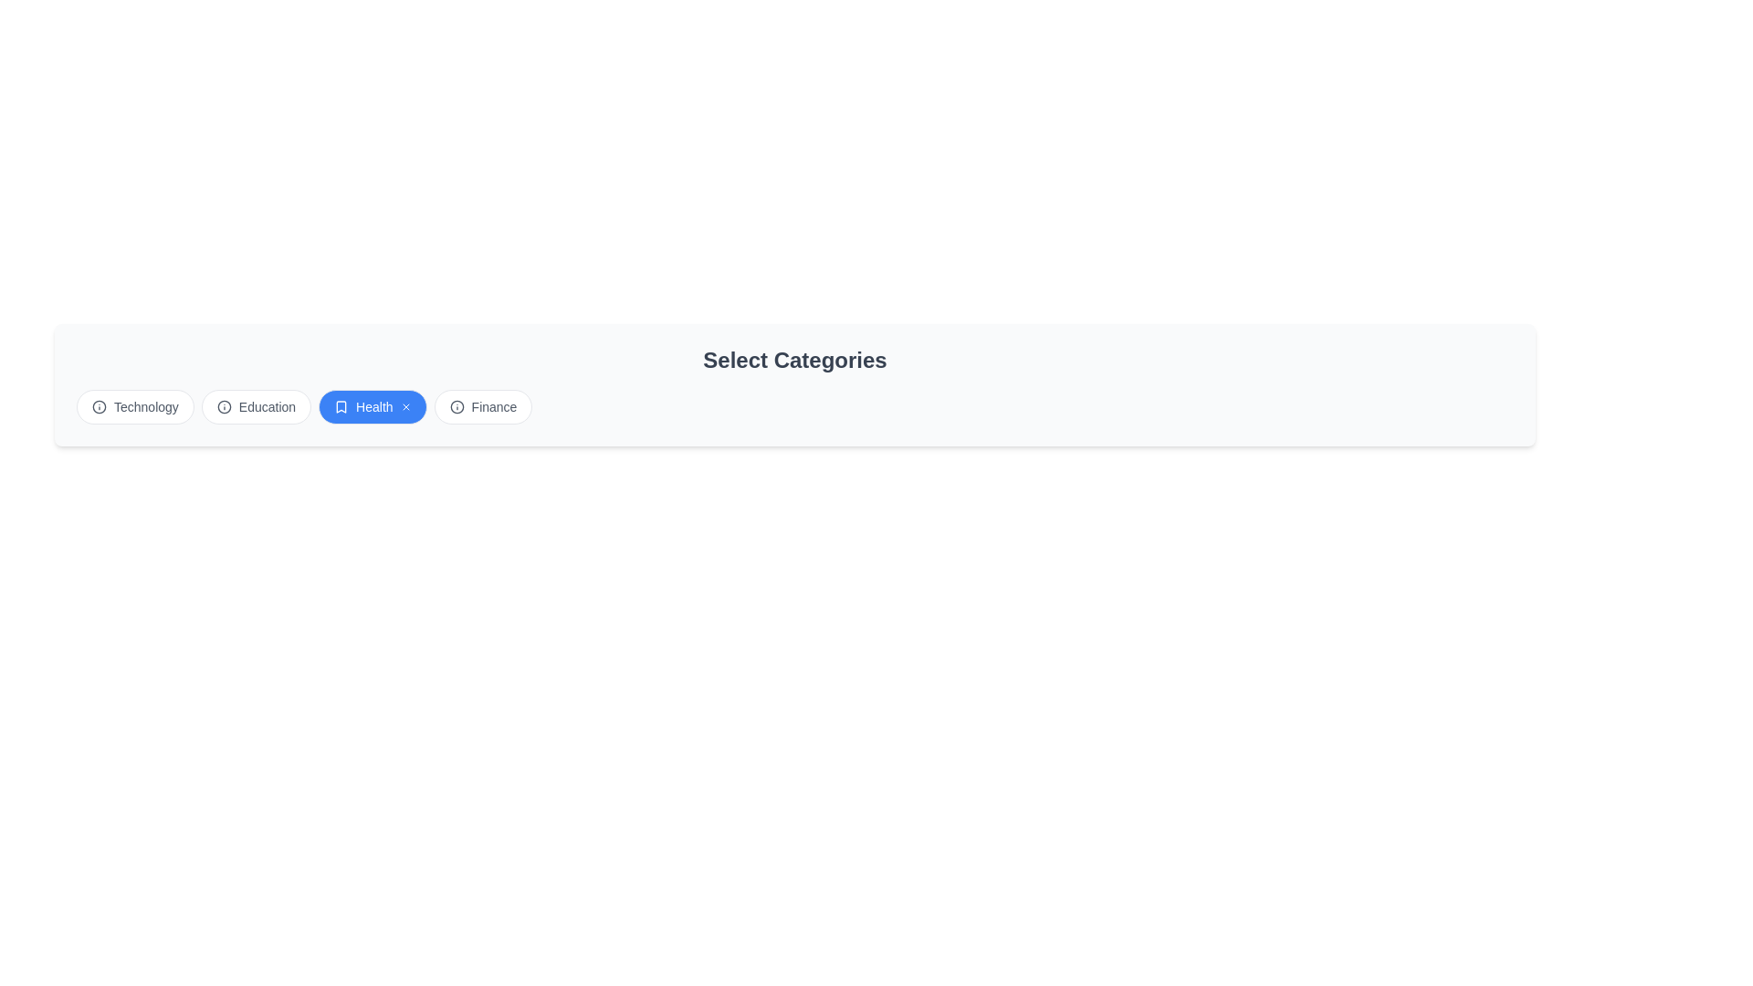 Image resolution: width=1753 pixels, height=986 pixels. Describe the element at coordinates (482, 406) in the screenshot. I see `the chip labeled 'Finance' to observe its hover state` at that location.